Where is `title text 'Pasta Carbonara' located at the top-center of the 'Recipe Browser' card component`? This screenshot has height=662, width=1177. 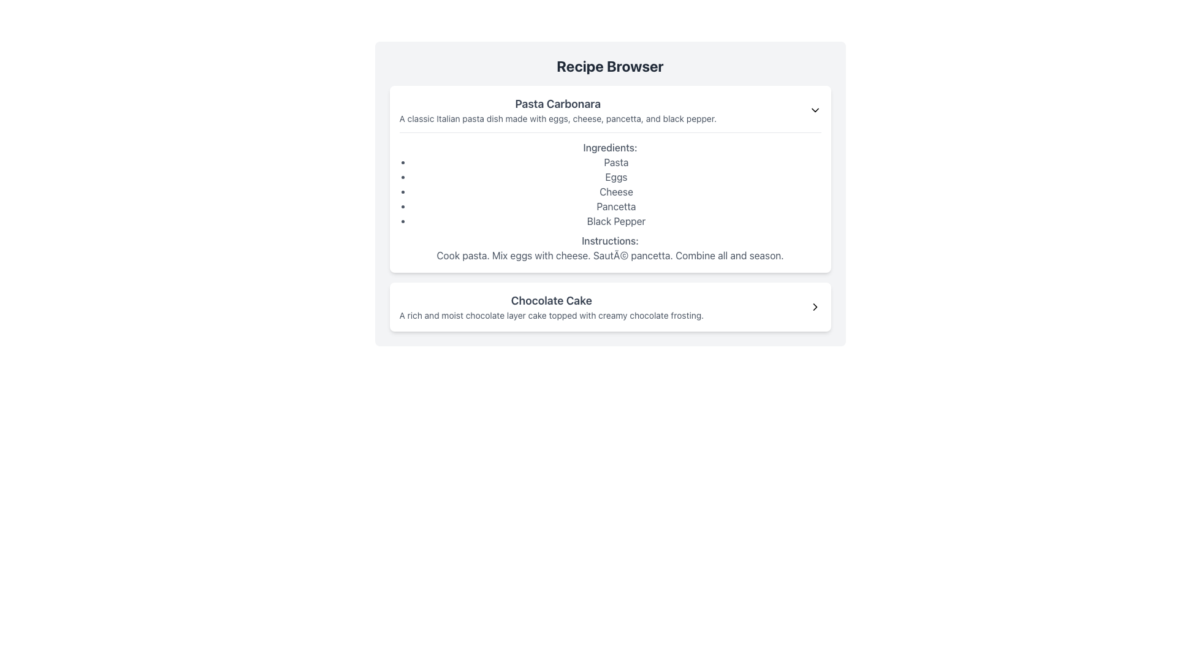
title text 'Pasta Carbonara' located at the top-center of the 'Recipe Browser' card component is located at coordinates (557, 103).